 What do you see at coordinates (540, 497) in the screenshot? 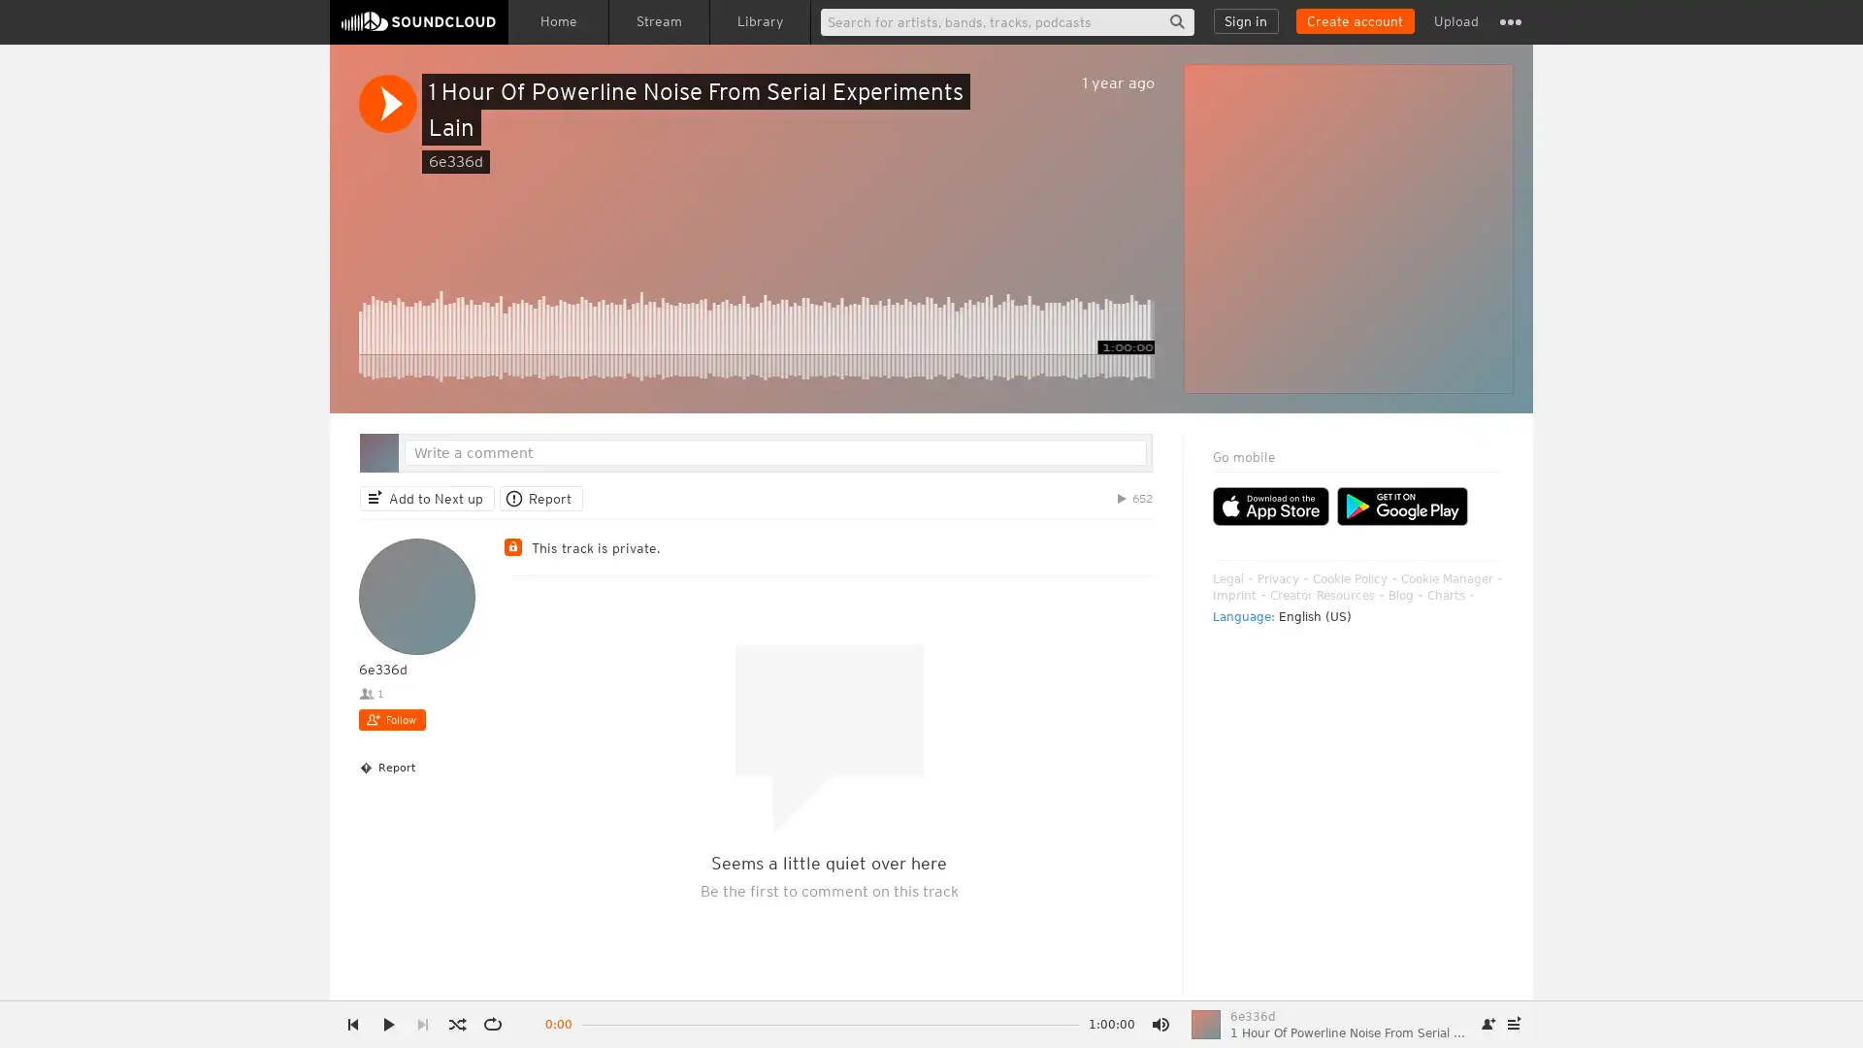
I see `Report track or account` at bounding box center [540, 497].